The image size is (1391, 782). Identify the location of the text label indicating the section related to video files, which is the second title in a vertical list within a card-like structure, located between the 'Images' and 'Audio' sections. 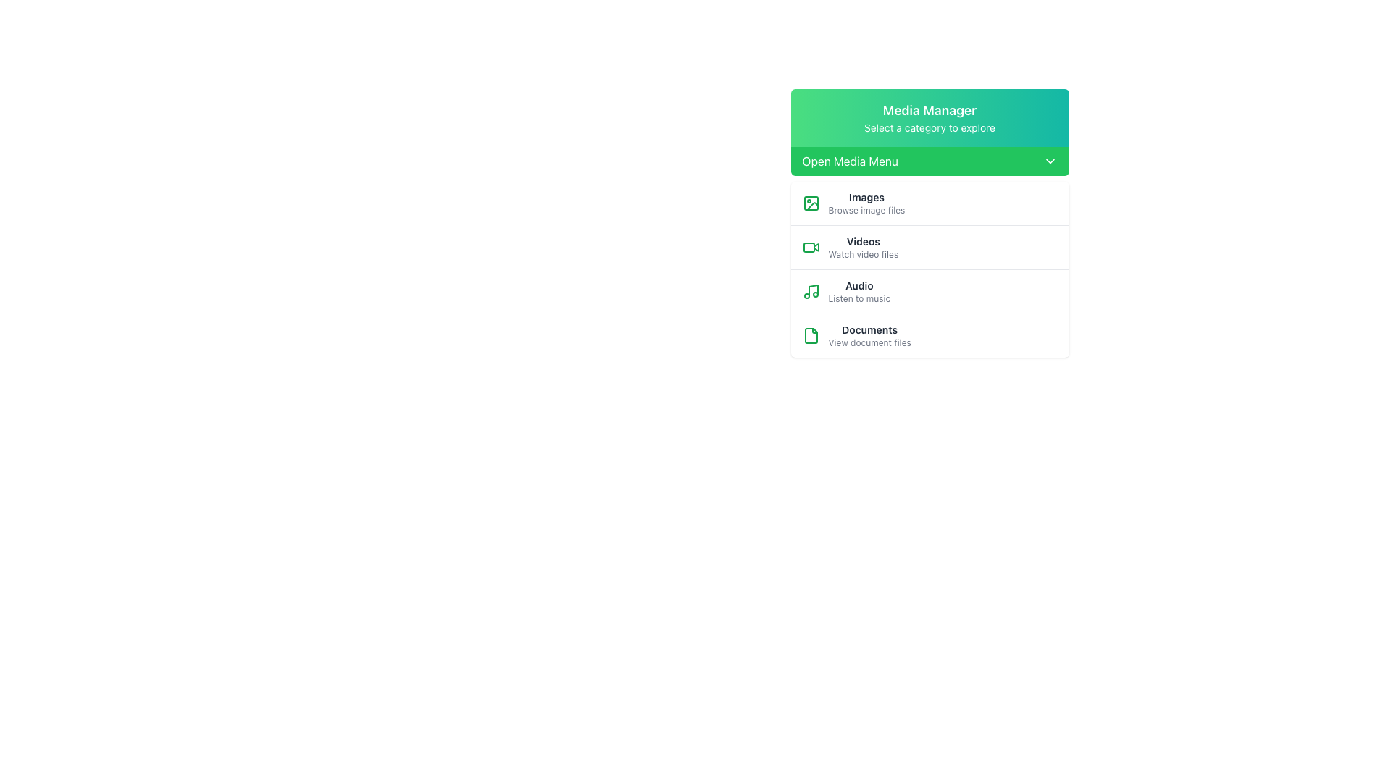
(863, 241).